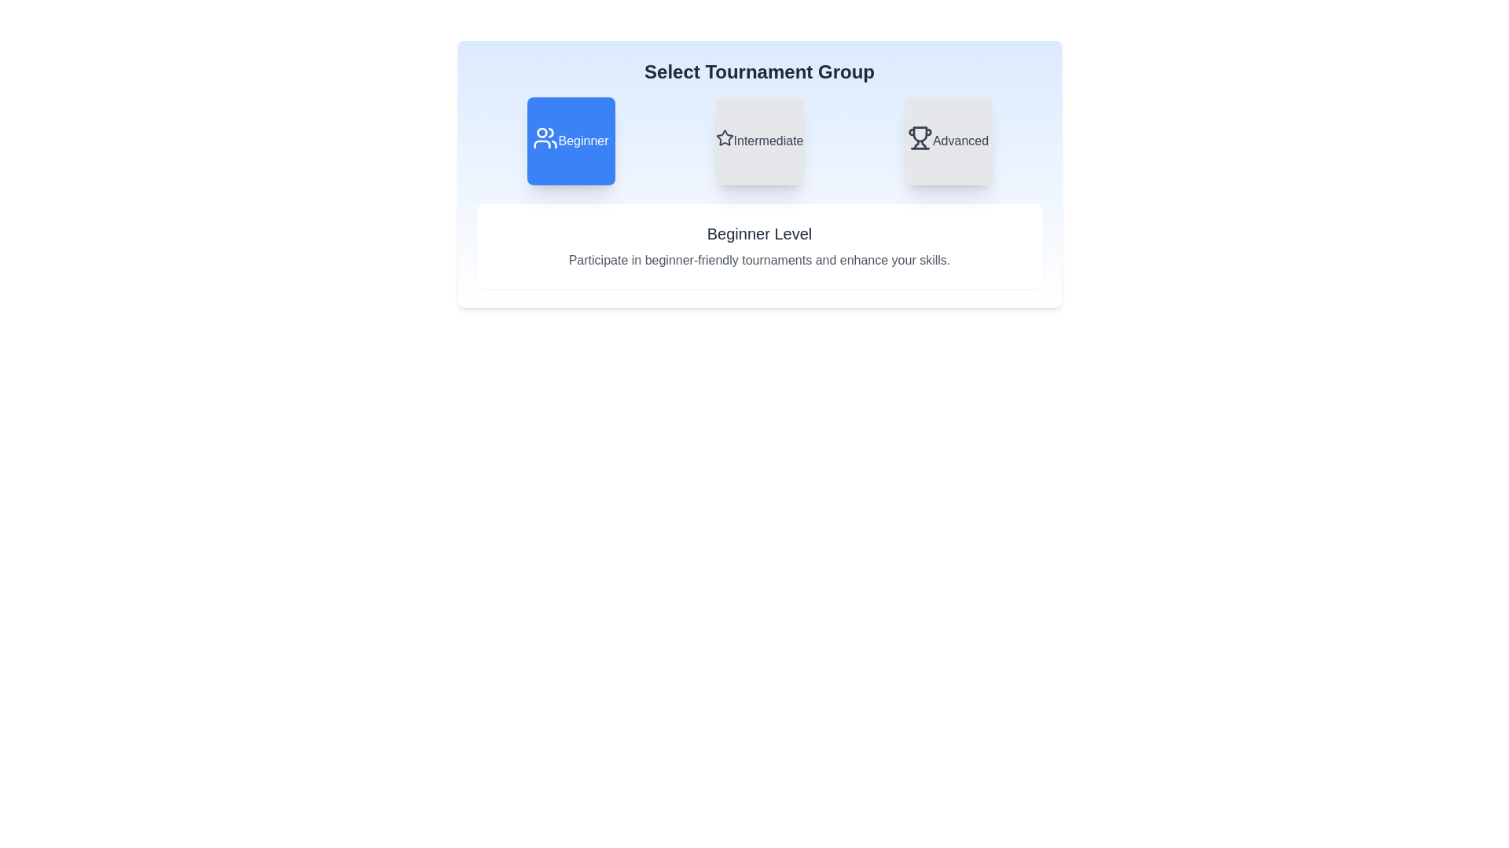 The width and height of the screenshot is (1509, 848). I want to click on text label indicating the category of the card as 'Advanced', located at the bottom of the third card under the 'Select Tournament Group' header, so click(960, 141).